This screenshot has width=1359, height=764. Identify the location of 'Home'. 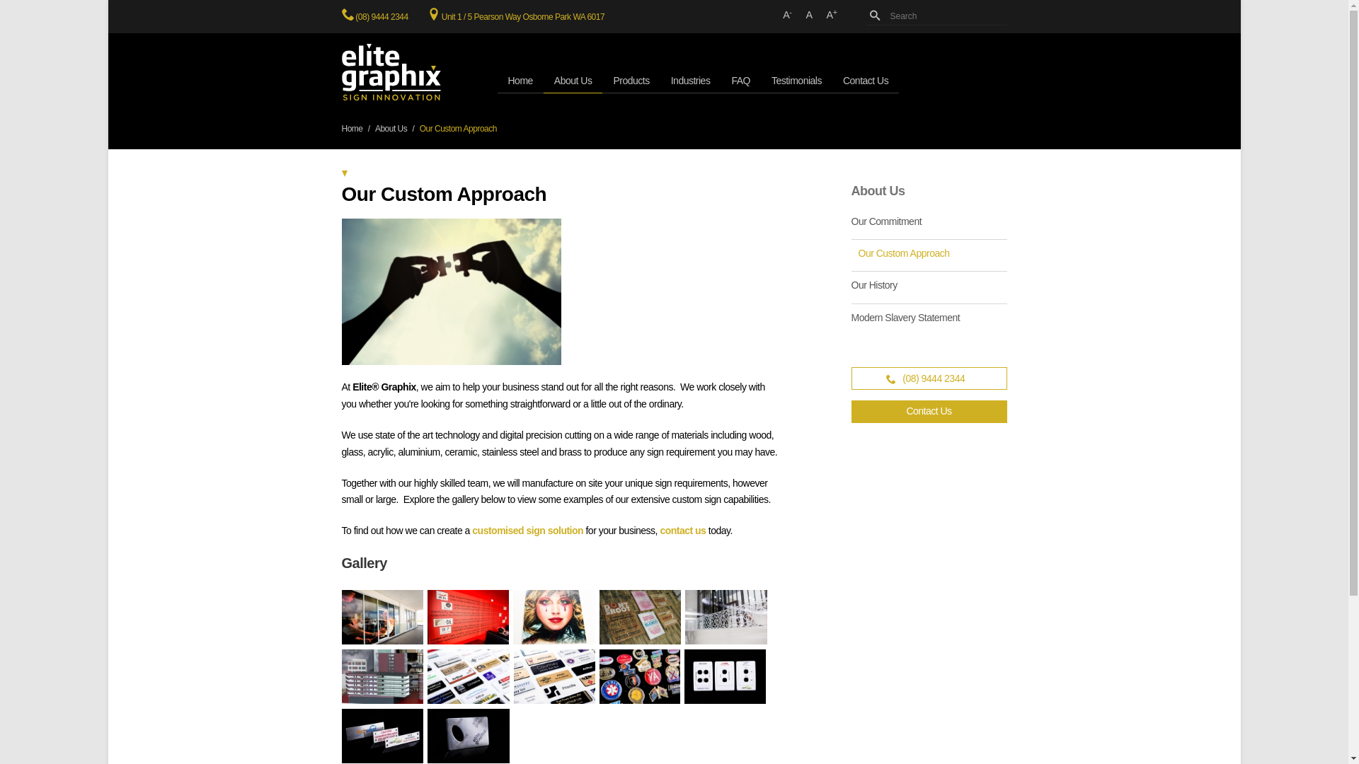
(519, 81).